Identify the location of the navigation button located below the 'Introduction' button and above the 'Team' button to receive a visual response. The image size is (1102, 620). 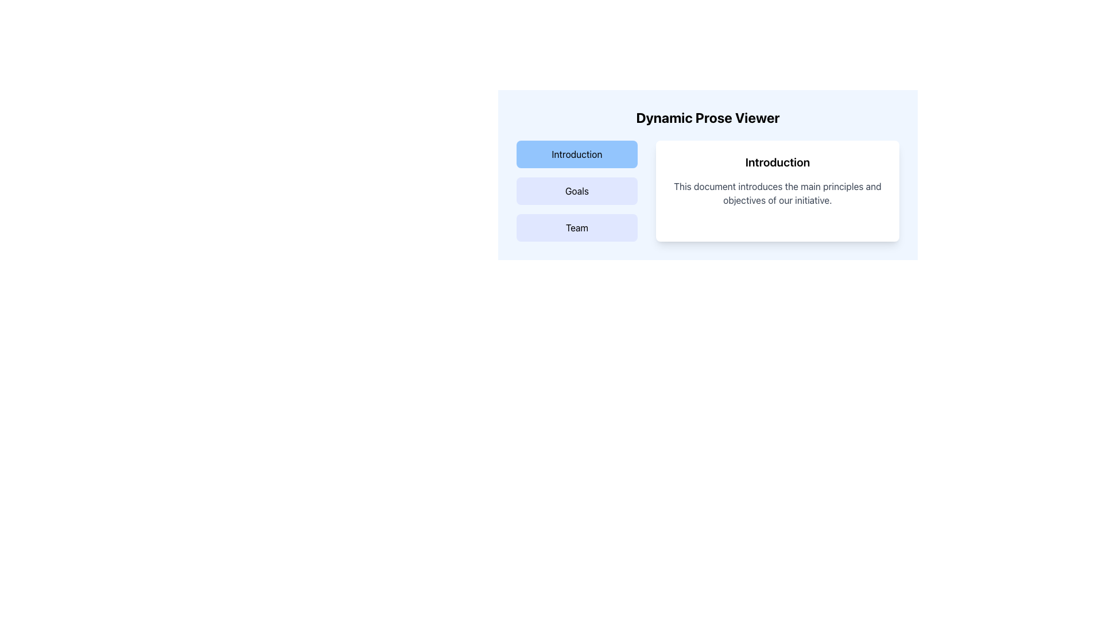
(577, 190).